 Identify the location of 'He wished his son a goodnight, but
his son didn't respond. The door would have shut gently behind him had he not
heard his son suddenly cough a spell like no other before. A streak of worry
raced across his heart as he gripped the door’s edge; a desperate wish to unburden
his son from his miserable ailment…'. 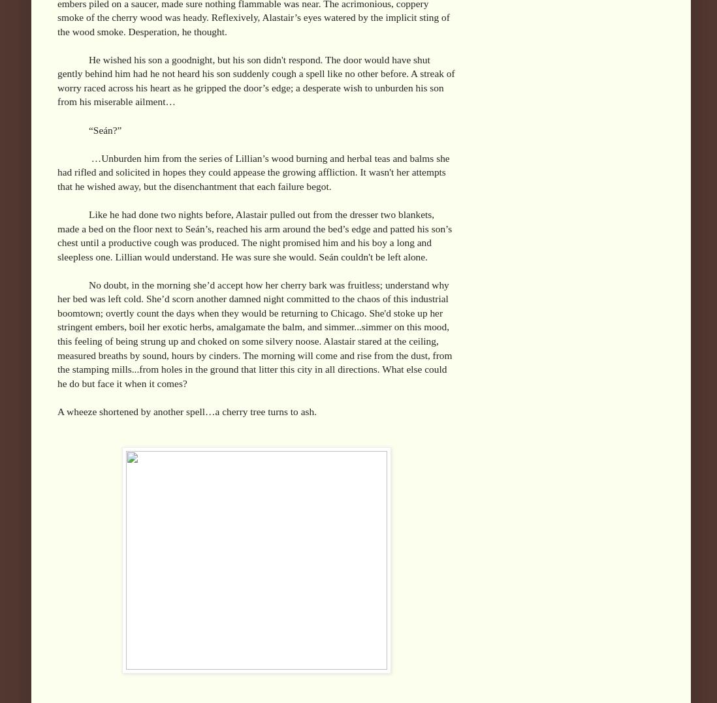
(255, 79).